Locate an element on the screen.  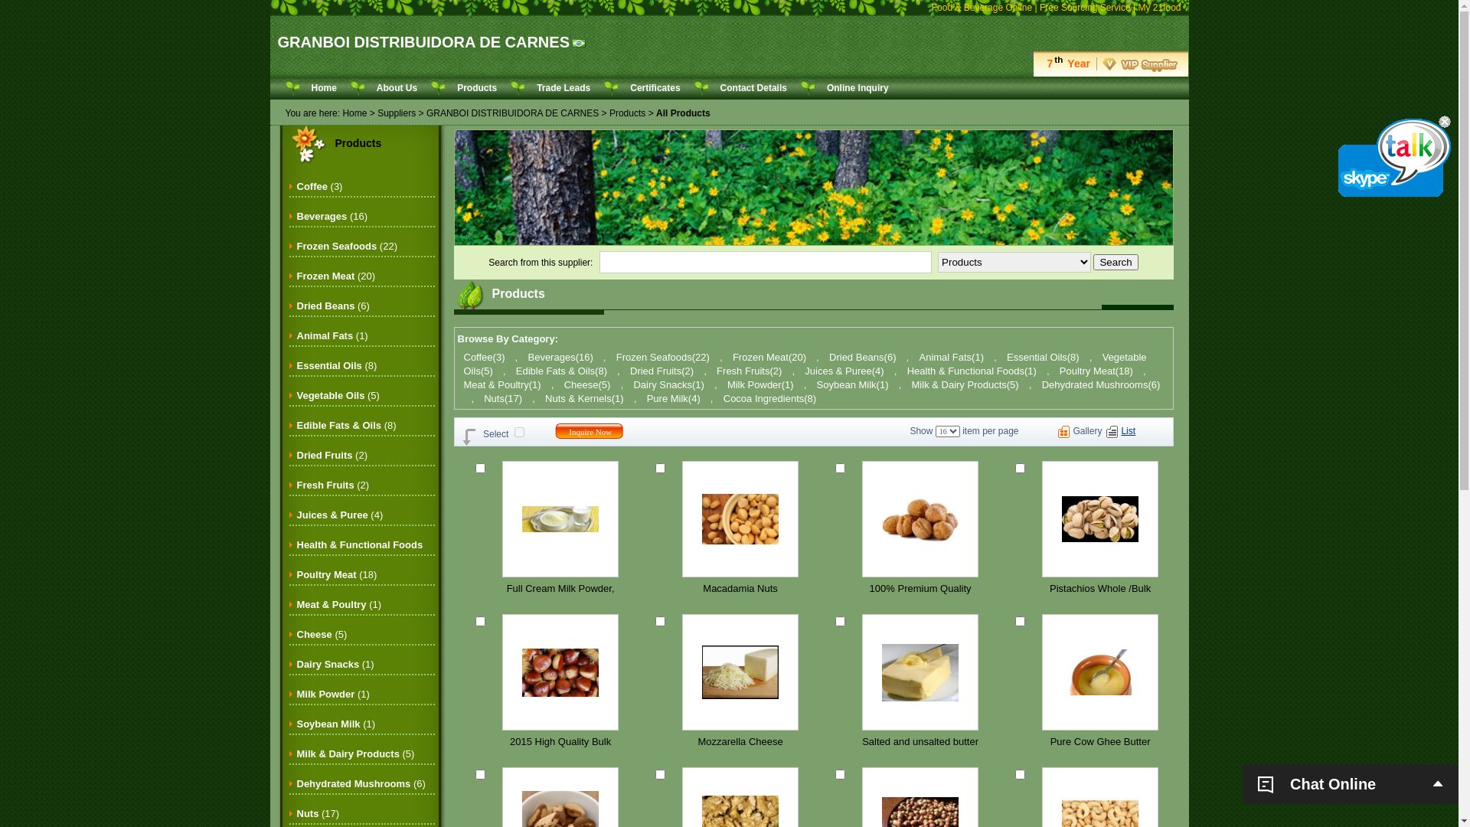
'Nuts & Kernels(1)' is located at coordinates (583, 397).